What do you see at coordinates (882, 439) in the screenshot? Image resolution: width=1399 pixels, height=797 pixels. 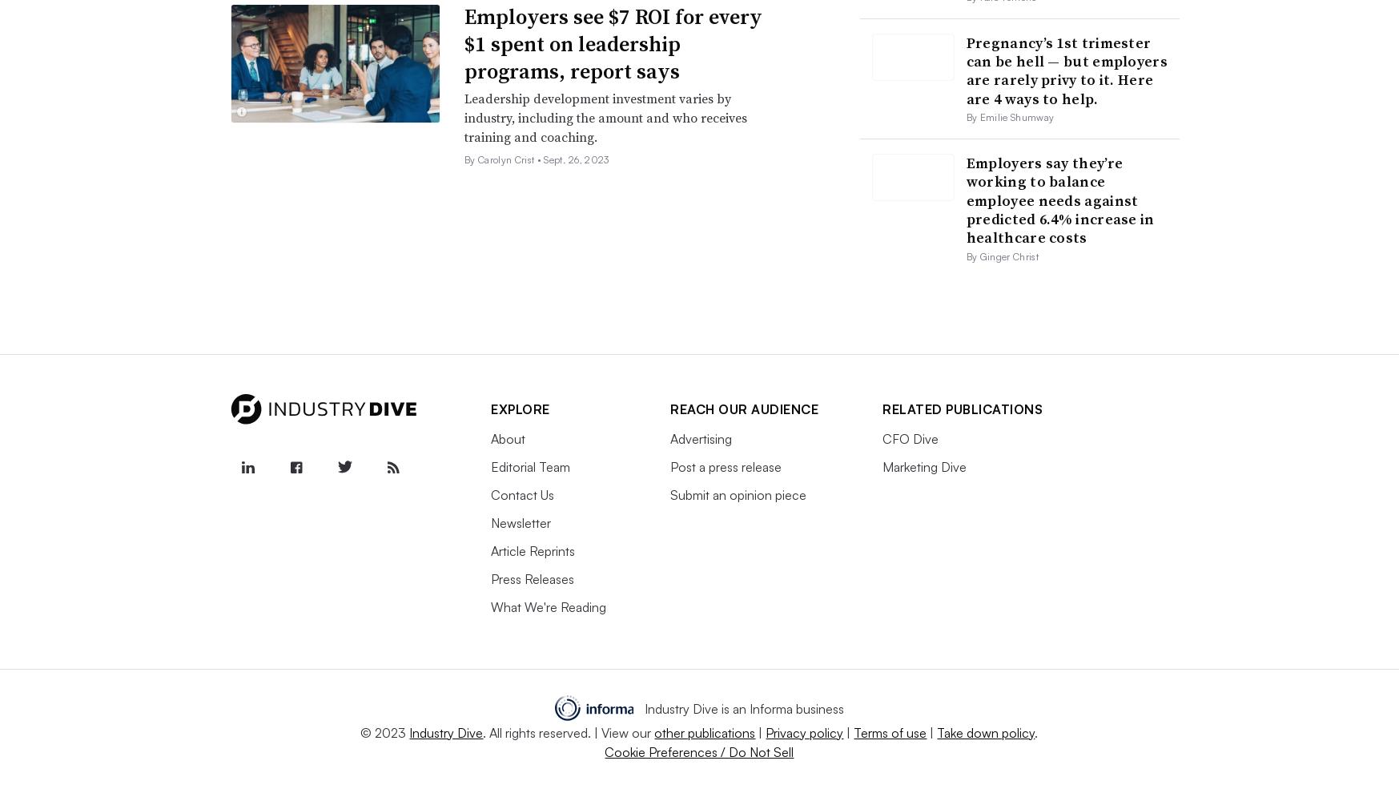 I see `'CFO Dive'` at bounding box center [882, 439].